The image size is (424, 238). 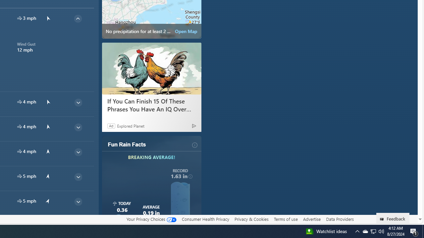 I want to click on 'Open Map', so click(x=185, y=31).